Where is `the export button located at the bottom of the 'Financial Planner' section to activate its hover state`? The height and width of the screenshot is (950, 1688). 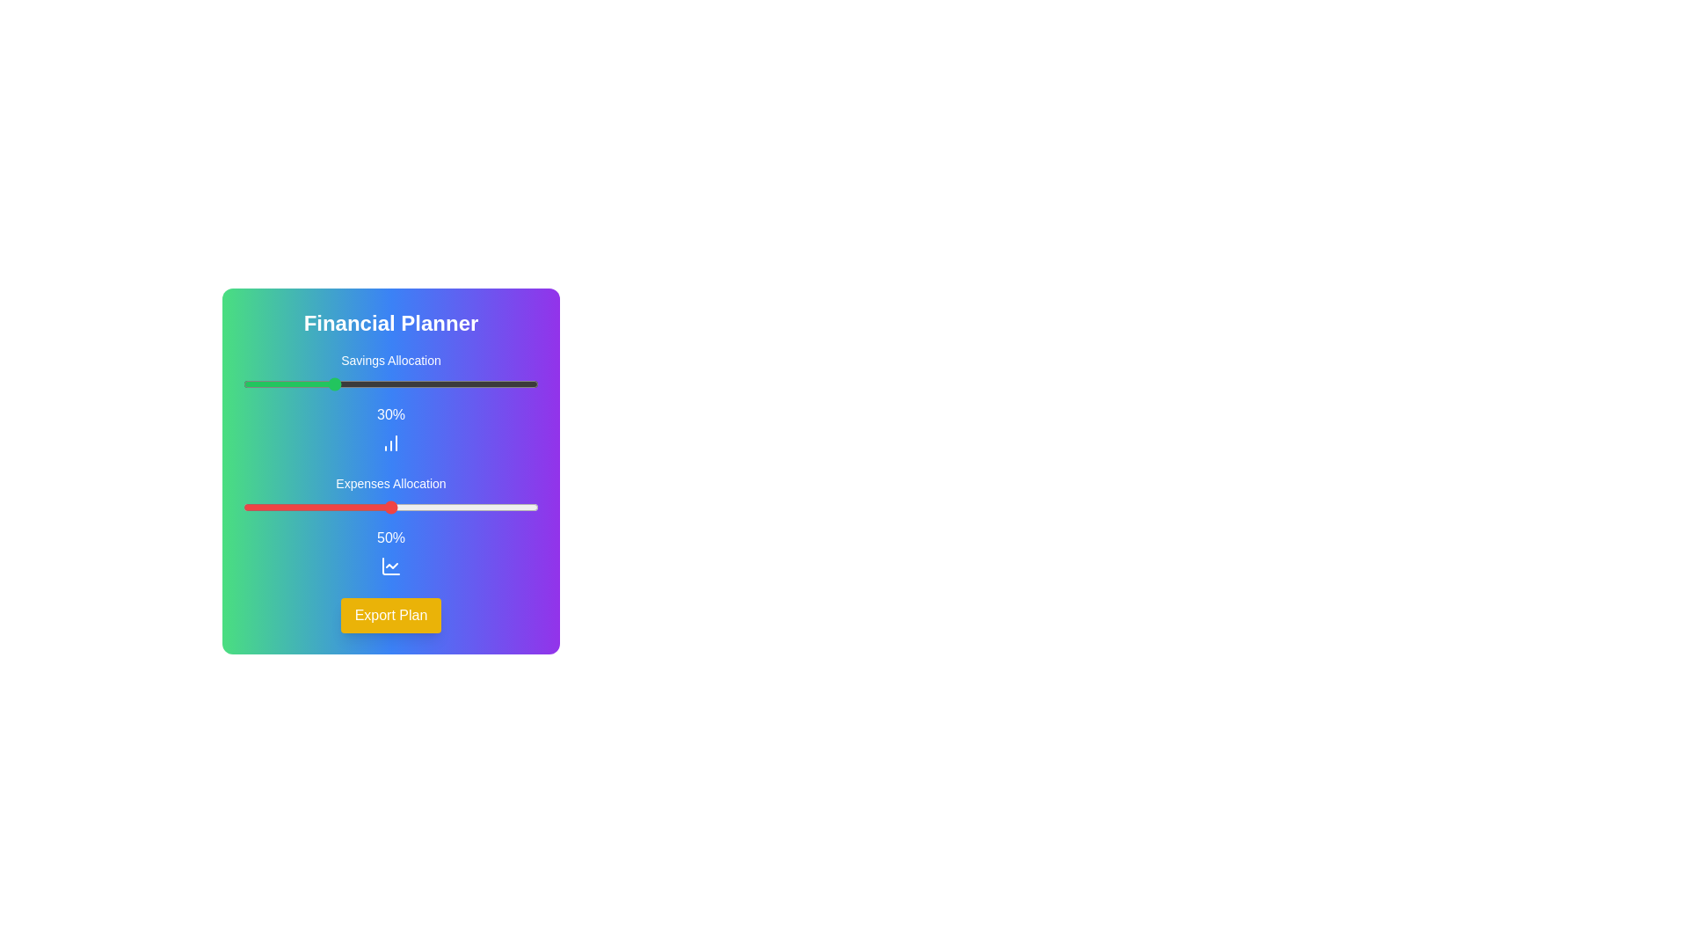 the export button located at the bottom of the 'Financial Planner' section to activate its hover state is located at coordinates (390, 614).